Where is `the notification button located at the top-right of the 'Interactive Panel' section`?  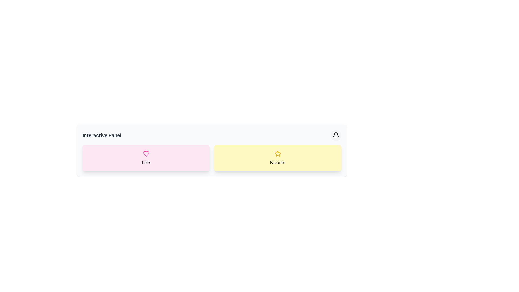
the notification button located at the top-right of the 'Interactive Panel' section is located at coordinates (336, 135).